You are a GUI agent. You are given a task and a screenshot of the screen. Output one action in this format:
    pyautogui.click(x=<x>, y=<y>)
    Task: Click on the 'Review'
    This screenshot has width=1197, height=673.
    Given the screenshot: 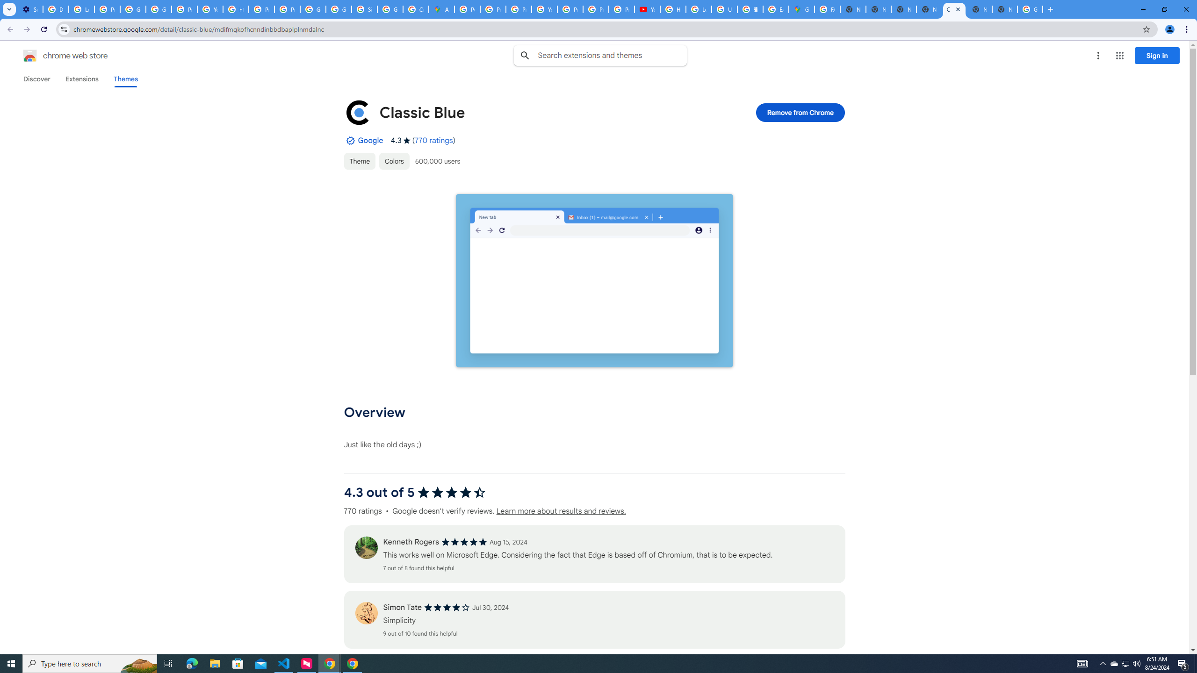 What is the action you would take?
    pyautogui.click(x=366, y=612)
    